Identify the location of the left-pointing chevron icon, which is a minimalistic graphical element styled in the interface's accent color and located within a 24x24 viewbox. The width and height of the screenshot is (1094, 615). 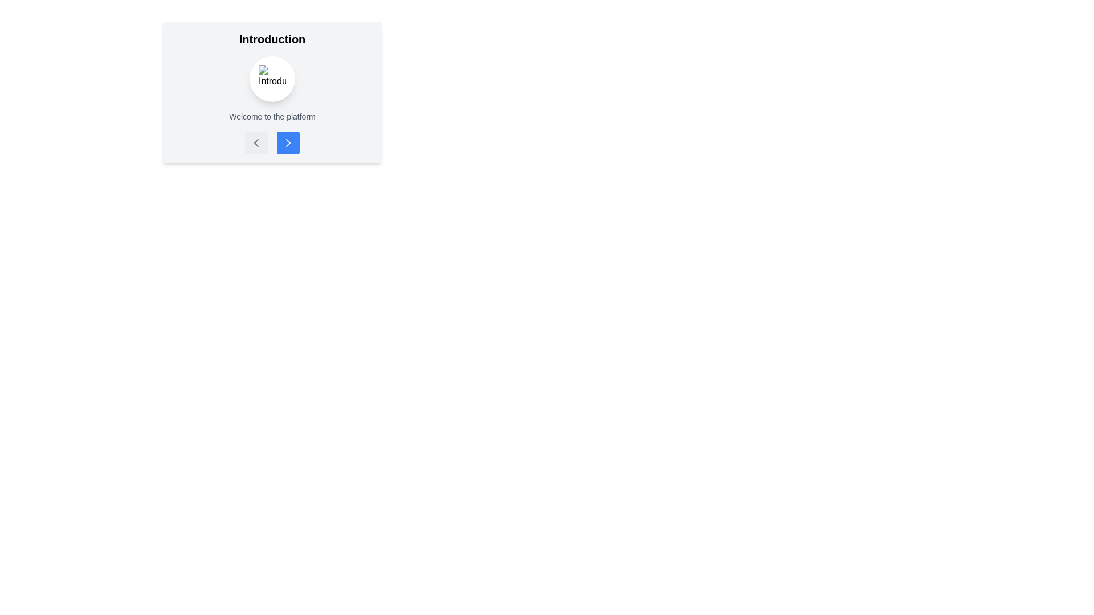
(256, 142).